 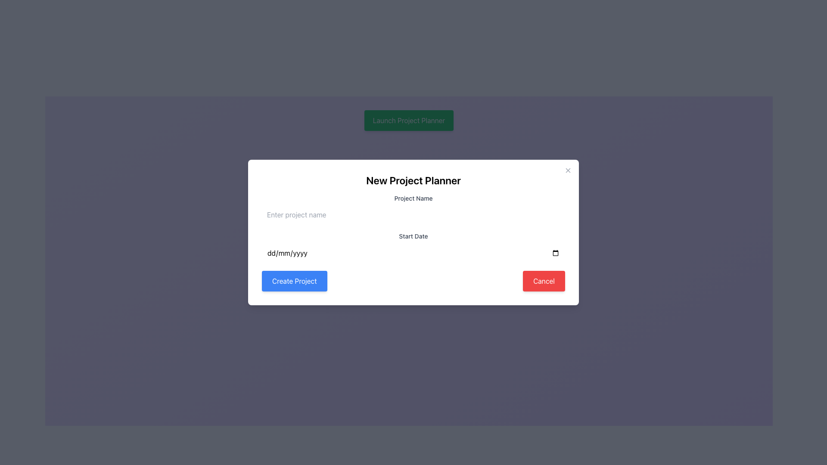 What do you see at coordinates (294, 281) in the screenshot?
I see `the 'Create Project' button with rounded corners and blue background to change its color` at bounding box center [294, 281].